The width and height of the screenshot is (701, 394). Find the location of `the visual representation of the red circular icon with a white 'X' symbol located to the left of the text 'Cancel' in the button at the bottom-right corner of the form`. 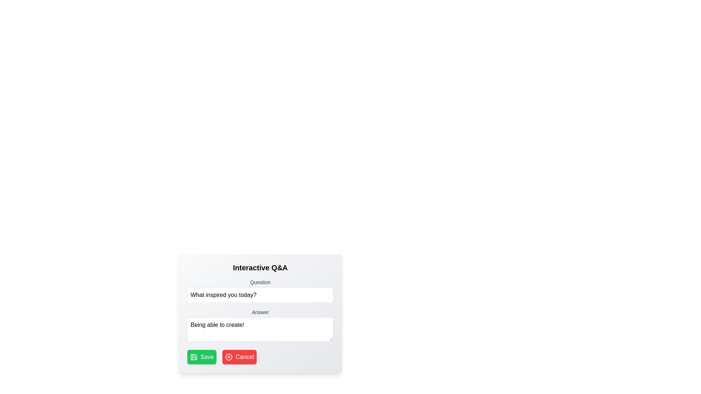

the visual representation of the red circular icon with a white 'X' symbol located to the left of the text 'Cancel' in the button at the bottom-right corner of the form is located at coordinates (229, 357).